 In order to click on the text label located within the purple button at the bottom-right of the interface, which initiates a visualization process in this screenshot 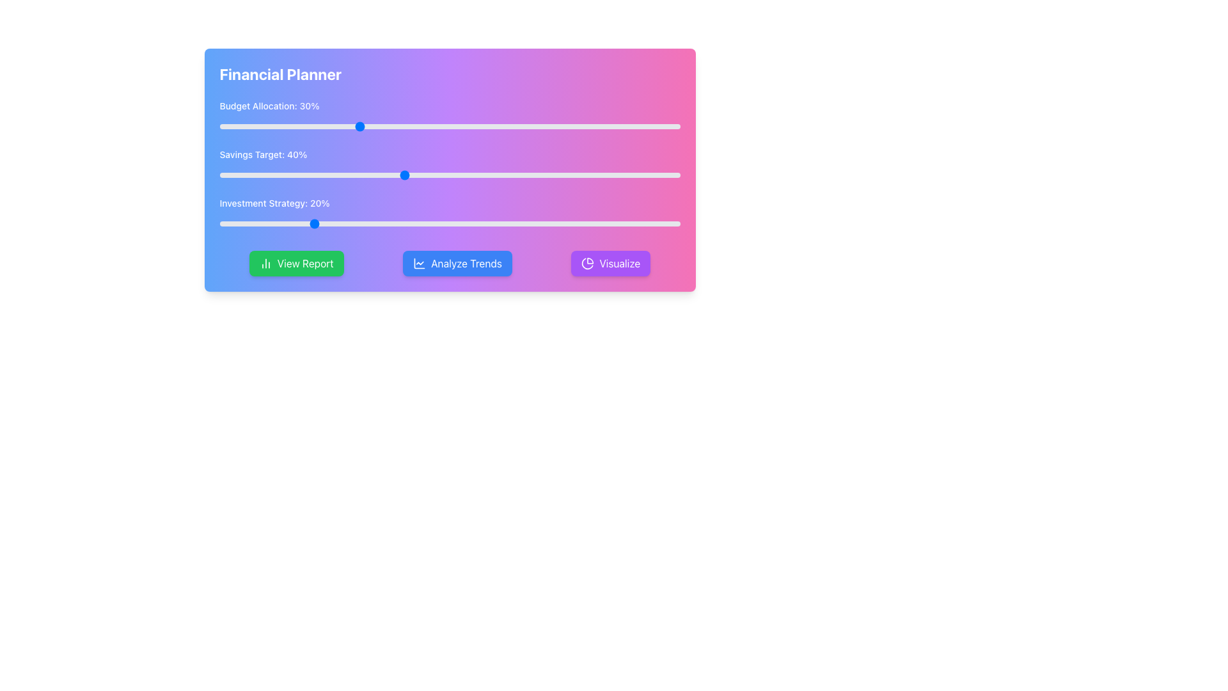, I will do `click(620, 263)`.